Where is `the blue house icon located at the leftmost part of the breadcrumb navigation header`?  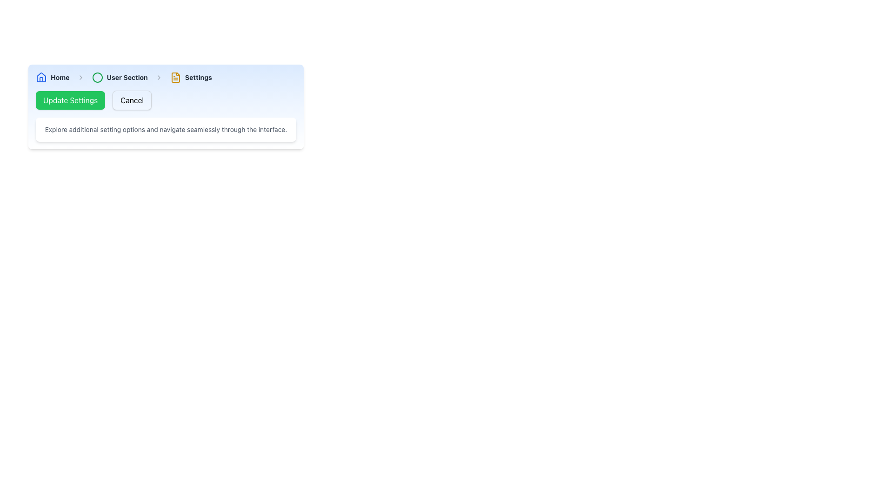 the blue house icon located at the leftmost part of the breadcrumb navigation header is located at coordinates (41, 76).